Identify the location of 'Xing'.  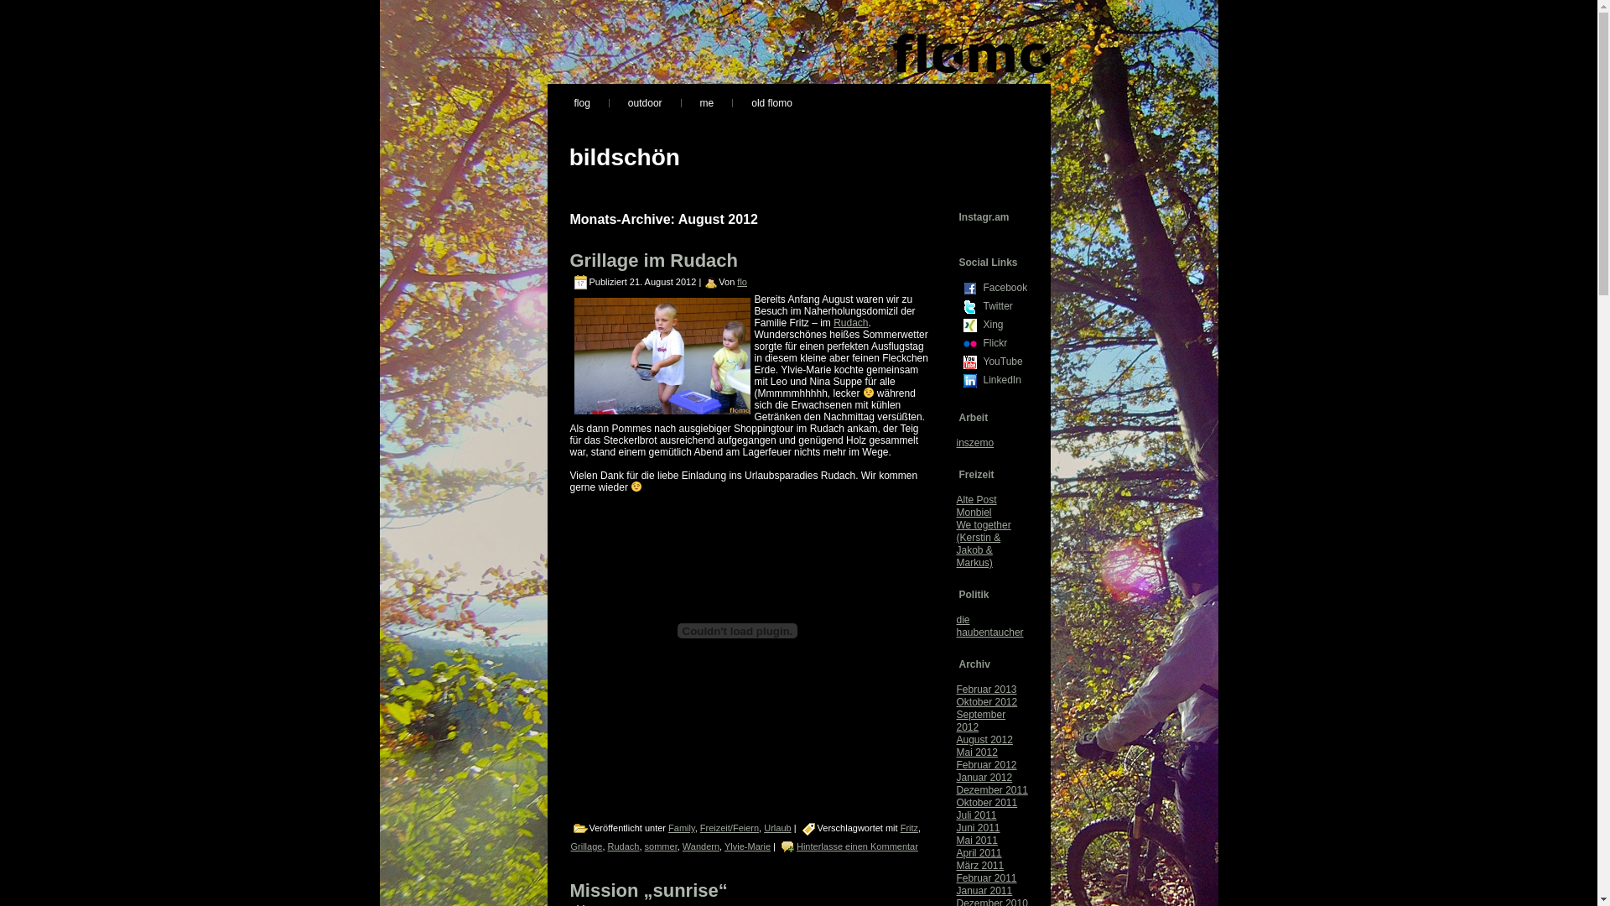
(962, 325).